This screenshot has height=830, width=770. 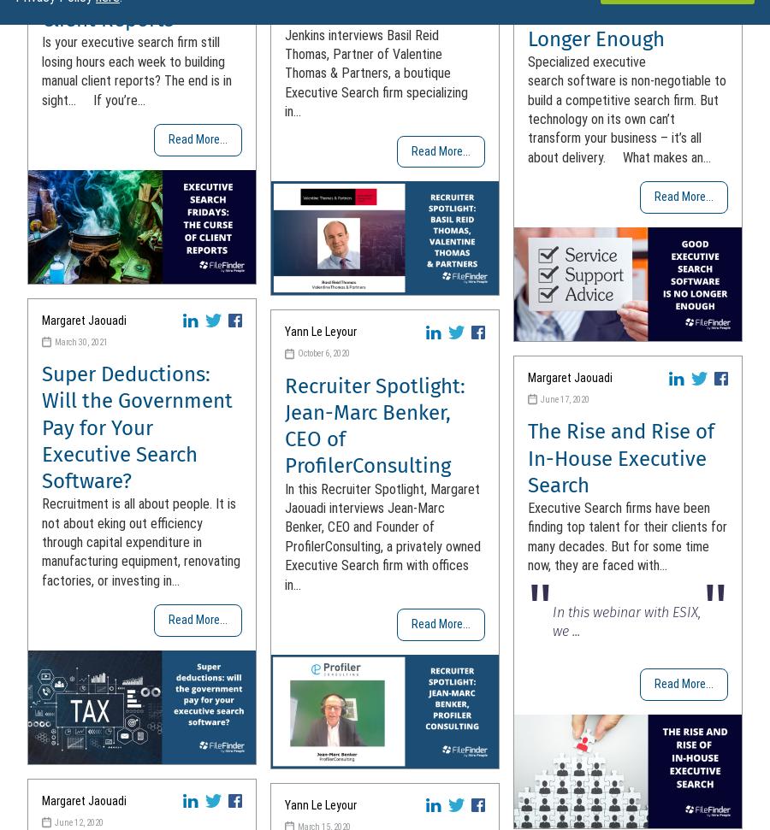 What do you see at coordinates (528, 535) in the screenshot?
I see `'Executive Search firms have been finding top talent for their clients for many decades. But for some time now, they are faced with...'` at bounding box center [528, 535].